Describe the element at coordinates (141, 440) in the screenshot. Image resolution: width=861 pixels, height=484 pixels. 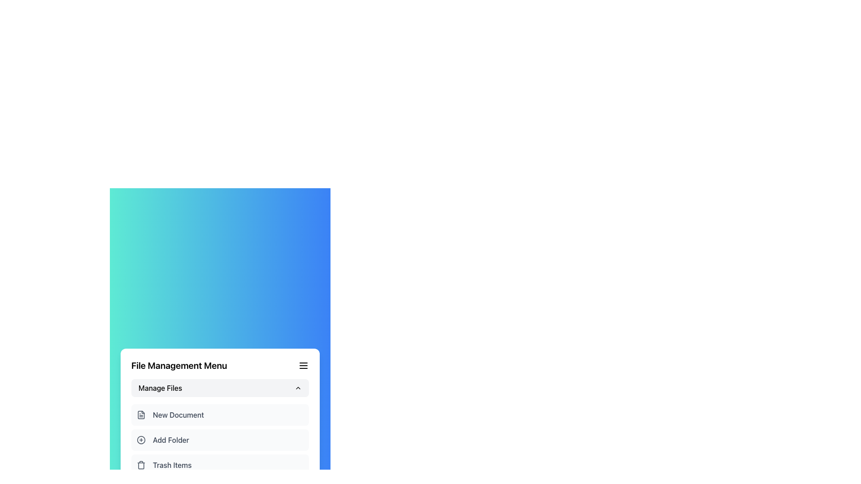
I see `the 'Add Folder' icon located in the vertical navigation menu, which symbolizes the 'Add Folder' action` at that location.